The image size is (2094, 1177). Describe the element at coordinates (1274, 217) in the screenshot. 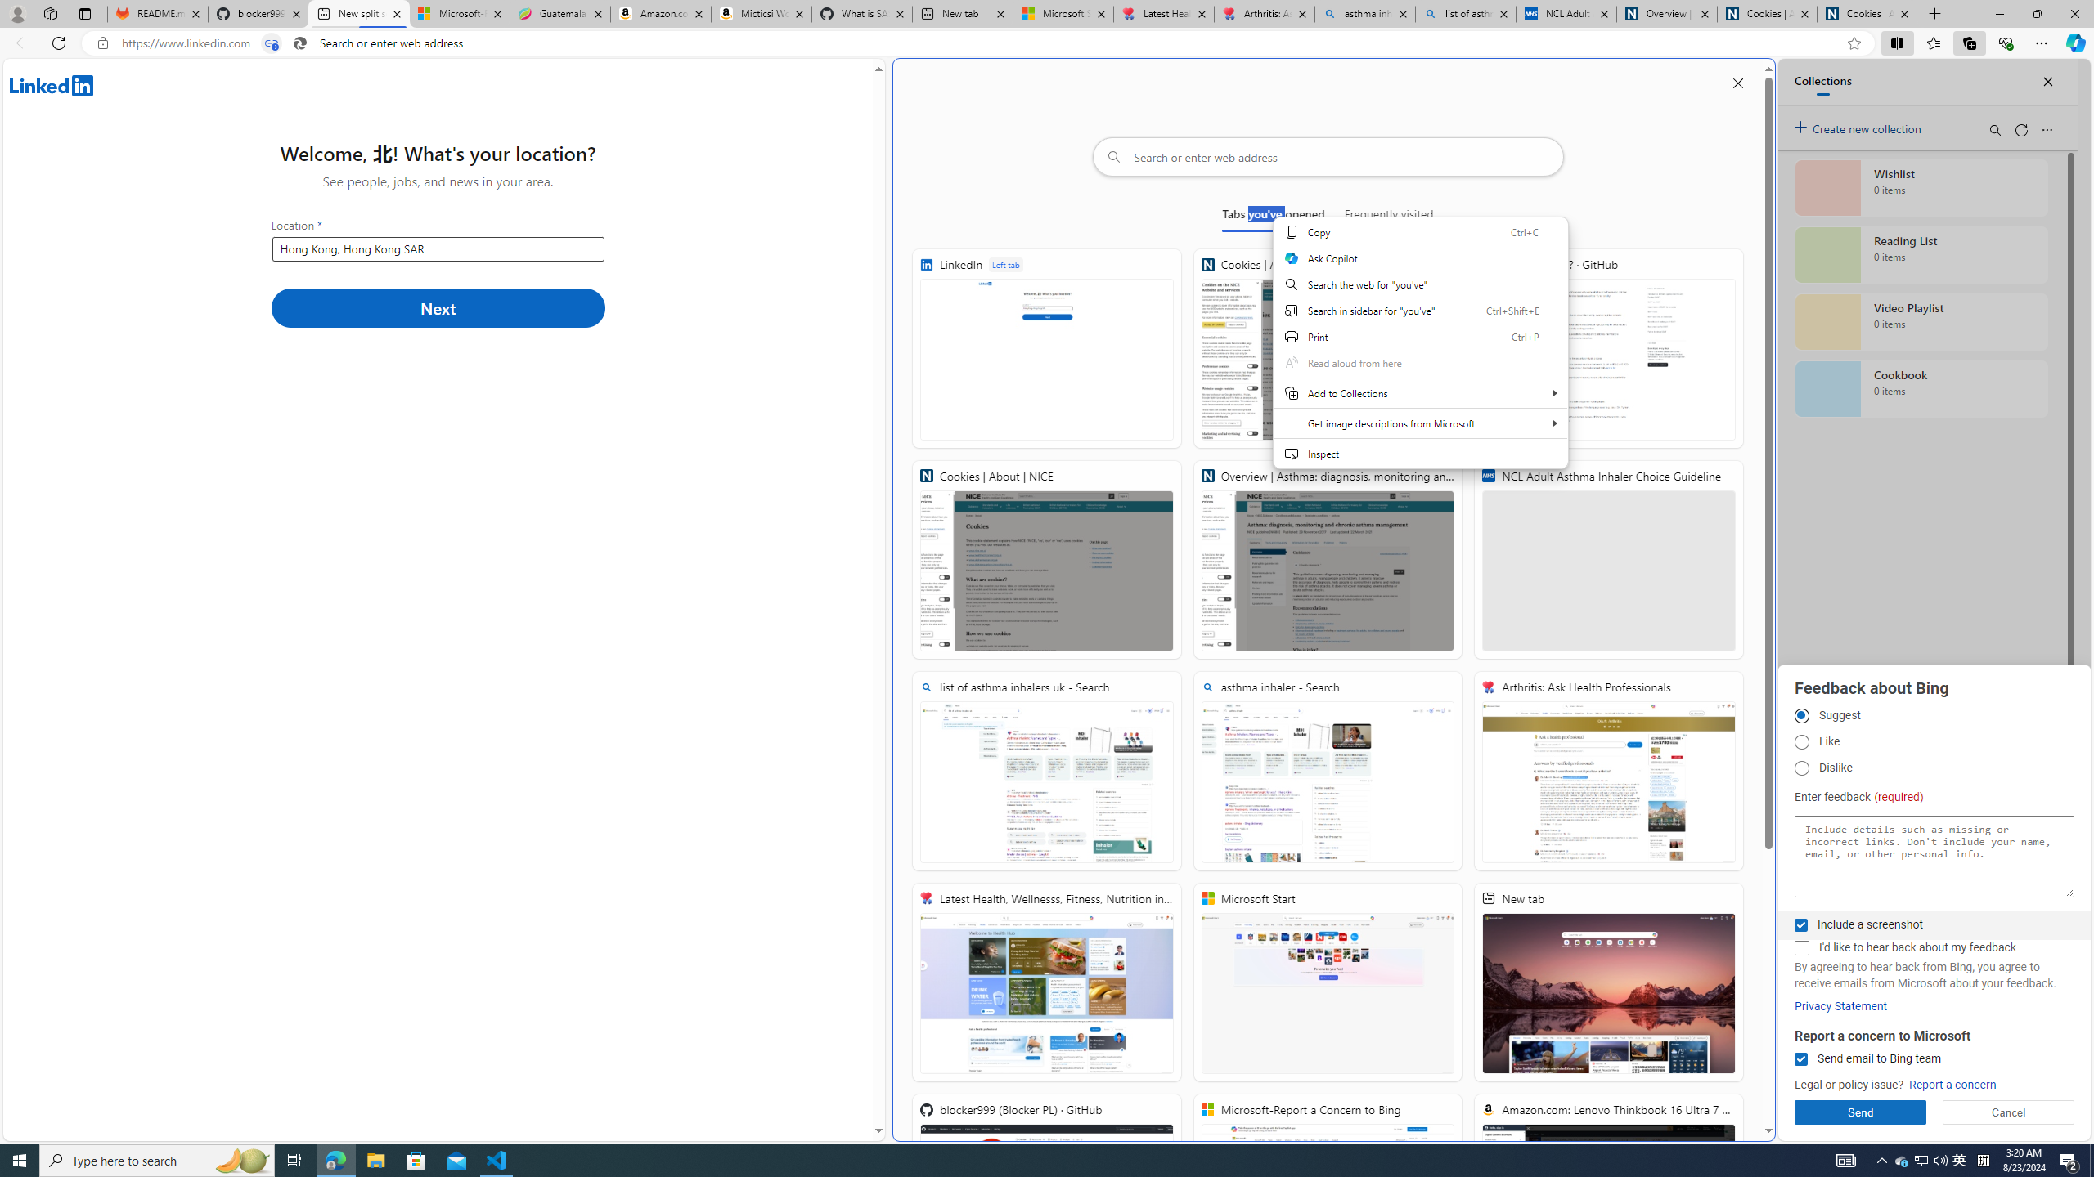

I see `'Tabs you'` at that location.